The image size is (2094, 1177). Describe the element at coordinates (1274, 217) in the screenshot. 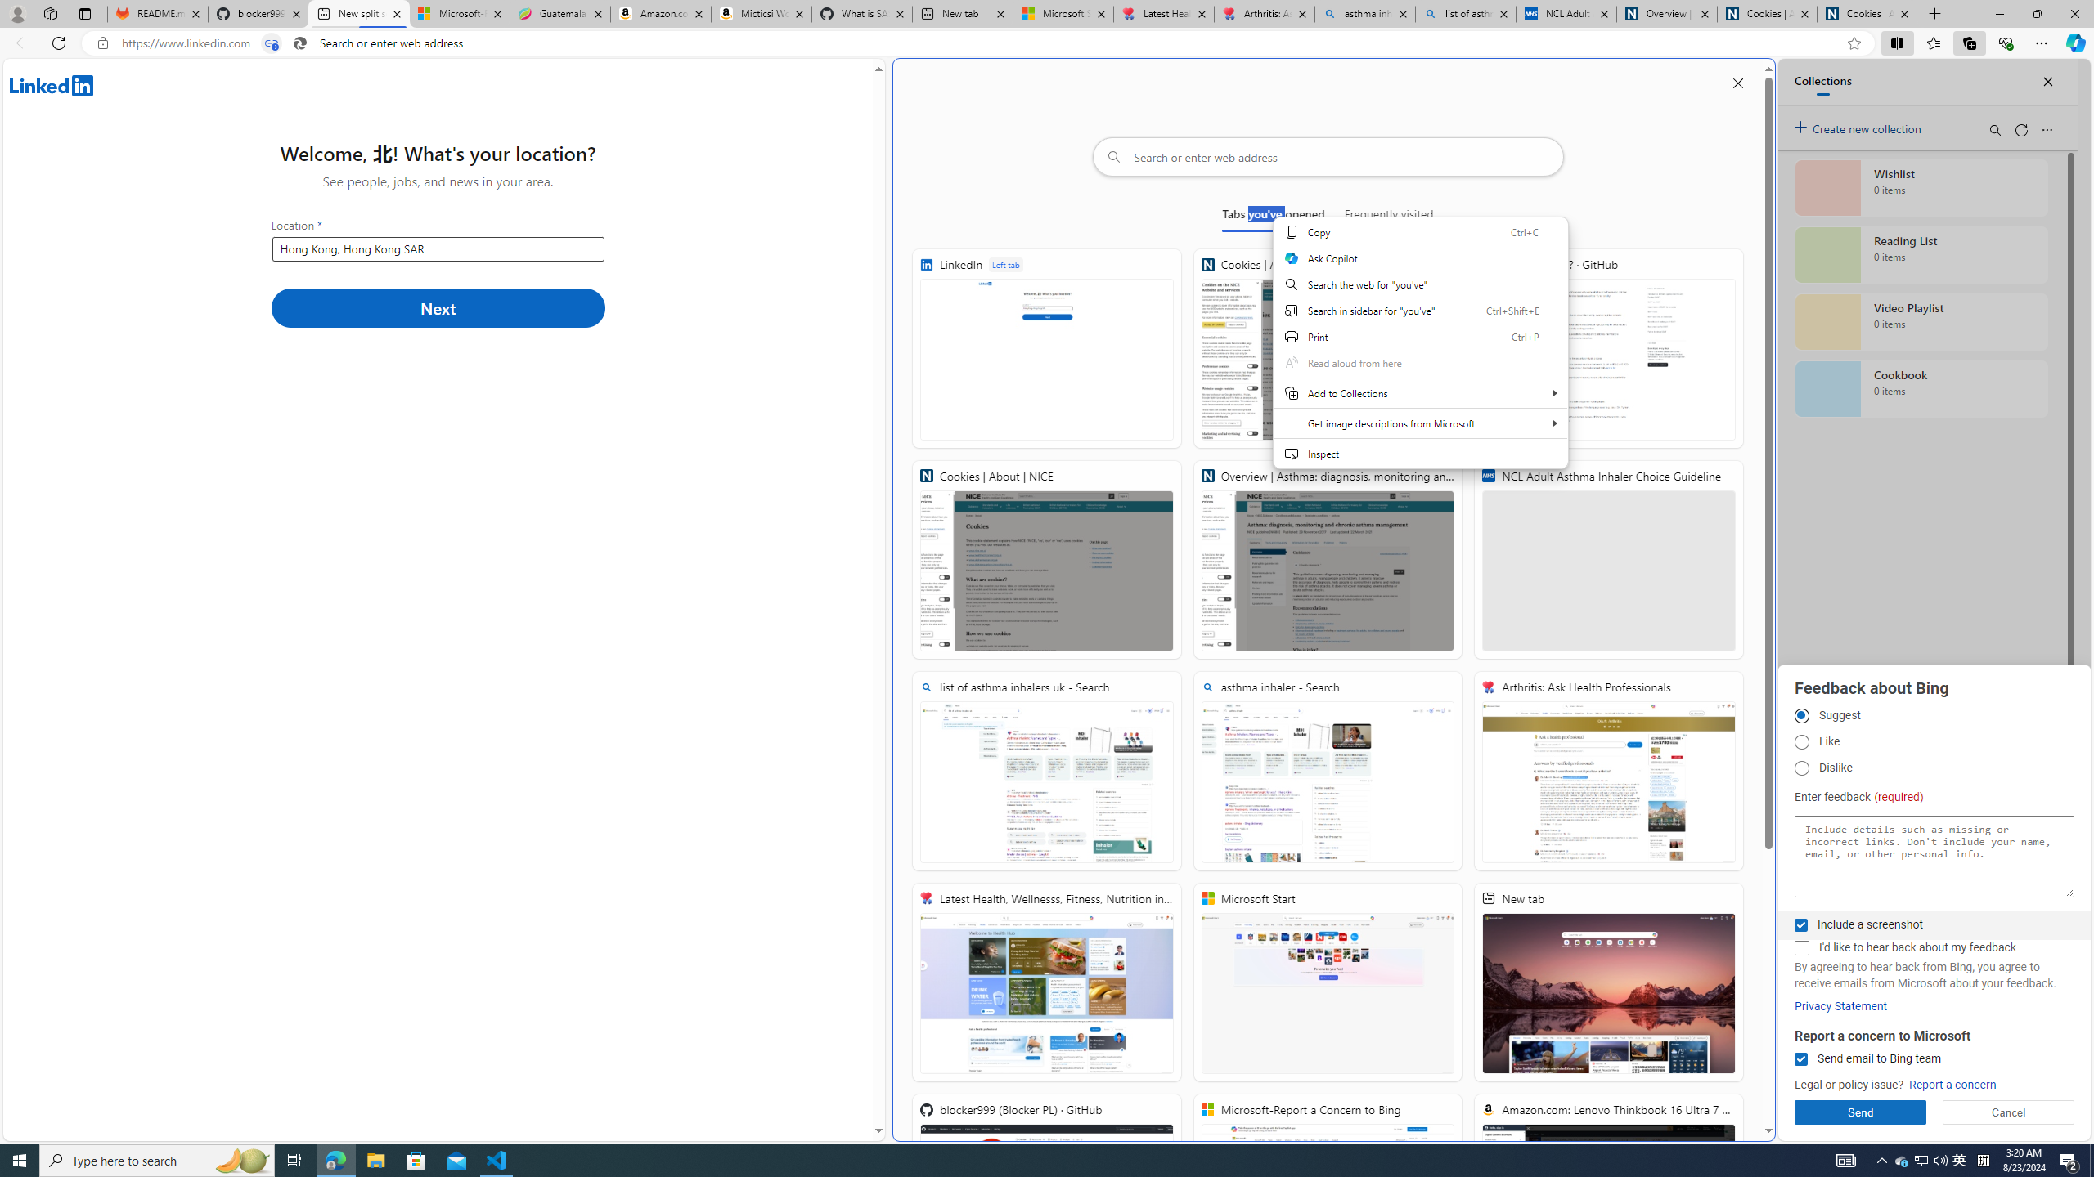

I see `'Tabs you'` at that location.